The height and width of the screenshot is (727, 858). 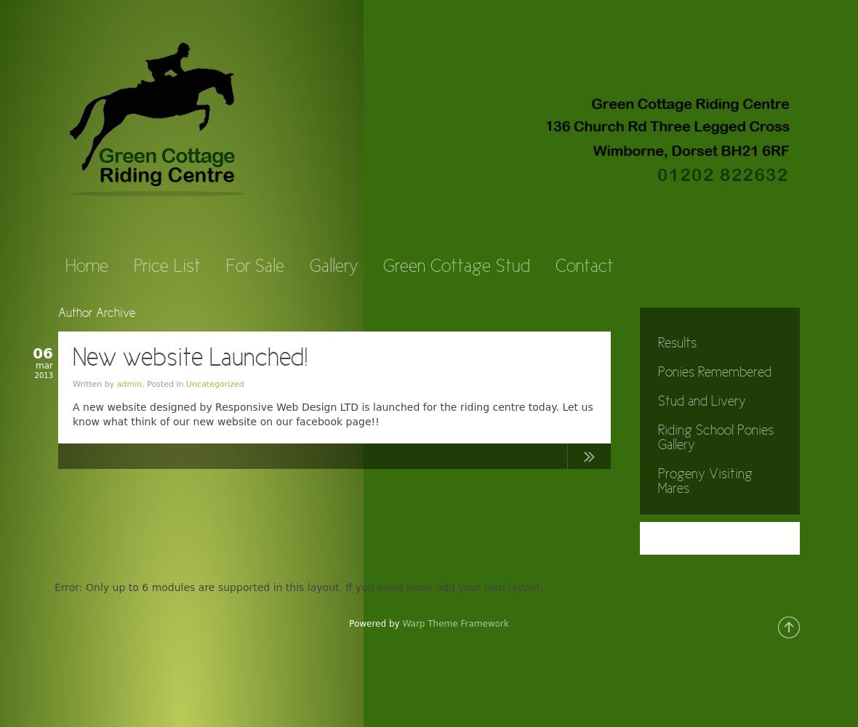 I want to click on 'A new website designed by Responsive Web Design LTD is launched for the riding centre today. Let us know what think of our new website on our facebook page!!', so click(x=71, y=414).